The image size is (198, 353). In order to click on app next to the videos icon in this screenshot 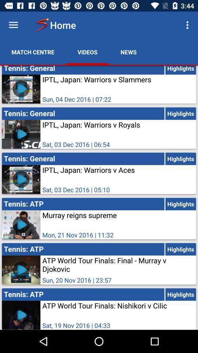, I will do `click(128, 51)`.